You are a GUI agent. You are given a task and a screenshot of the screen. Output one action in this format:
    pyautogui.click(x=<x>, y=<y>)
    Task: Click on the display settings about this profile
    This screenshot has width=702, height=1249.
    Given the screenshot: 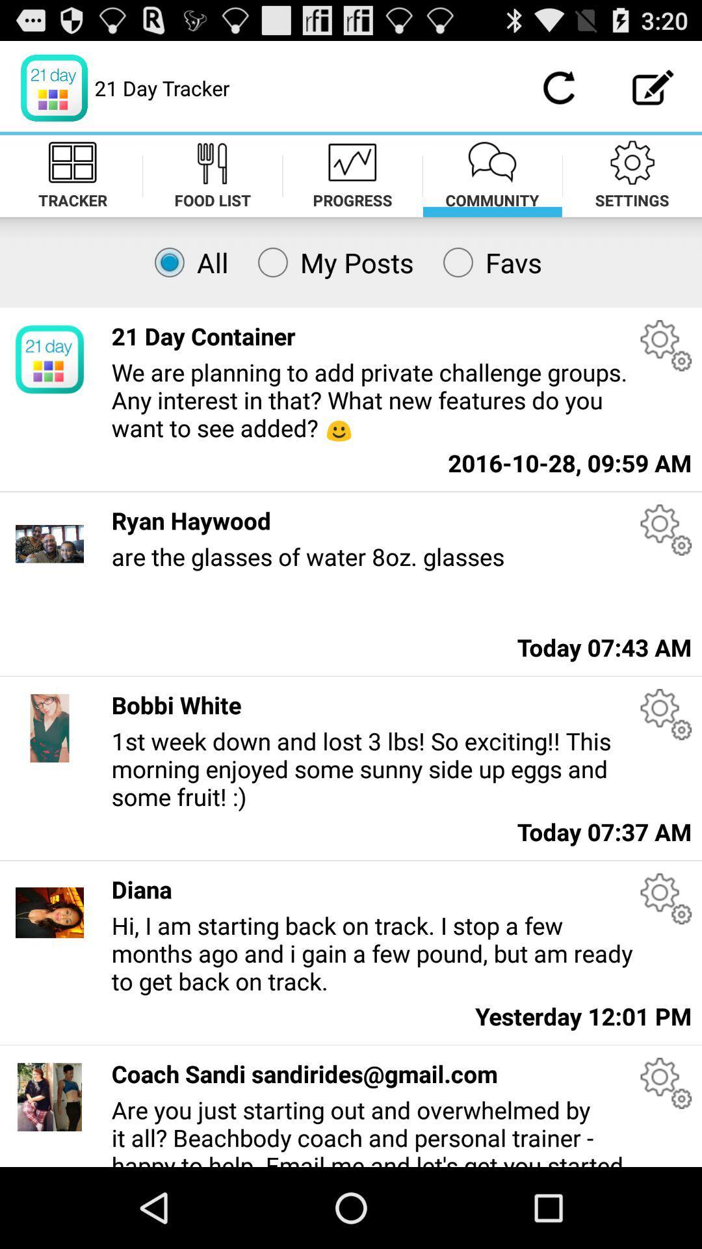 What is the action you would take?
    pyautogui.click(x=666, y=898)
    